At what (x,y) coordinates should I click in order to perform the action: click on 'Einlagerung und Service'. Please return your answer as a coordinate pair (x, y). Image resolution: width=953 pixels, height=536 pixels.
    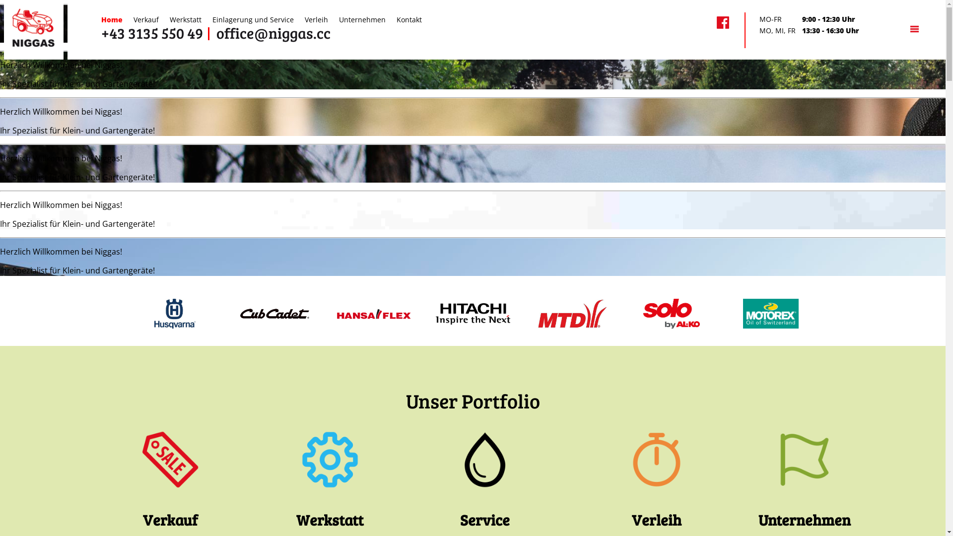
    Looking at the image, I should click on (211, 19).